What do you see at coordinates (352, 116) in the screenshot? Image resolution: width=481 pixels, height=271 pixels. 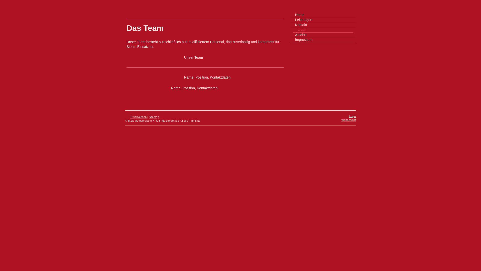 I see `'Login'` at bounding box center [352, 116].